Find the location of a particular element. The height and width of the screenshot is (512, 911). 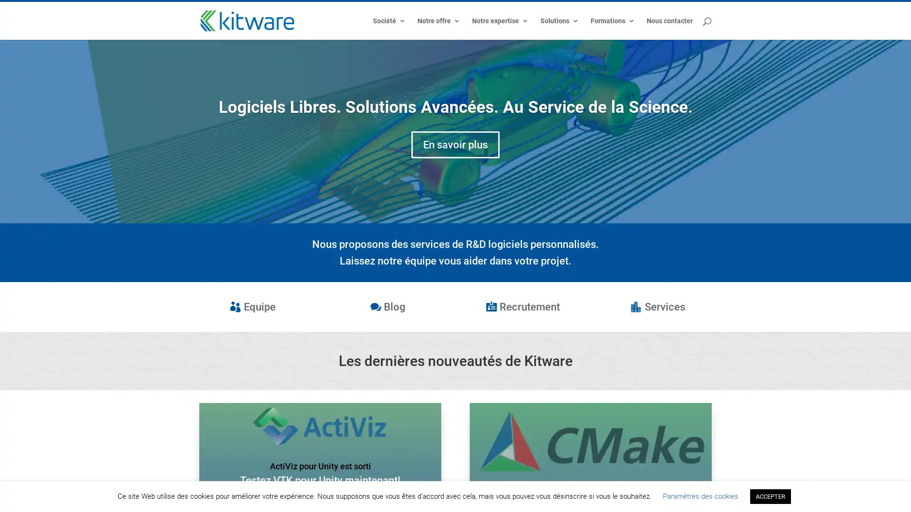

Parametres des cookies is located at coordinates (700, 495).